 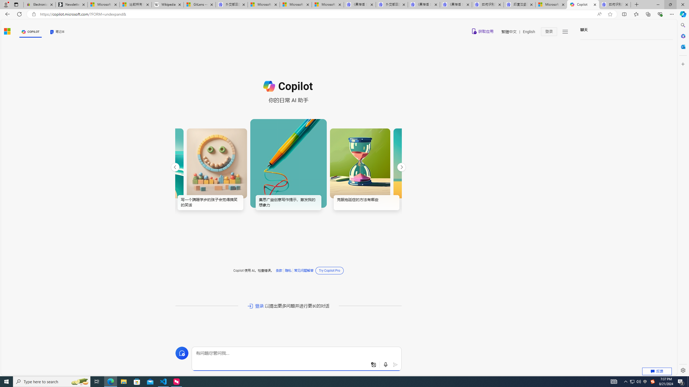 What do you see at coordinates (71, 4) in the screenshot?
I see `'Newsletter Sign Up'` at bounding box center [71, 4].